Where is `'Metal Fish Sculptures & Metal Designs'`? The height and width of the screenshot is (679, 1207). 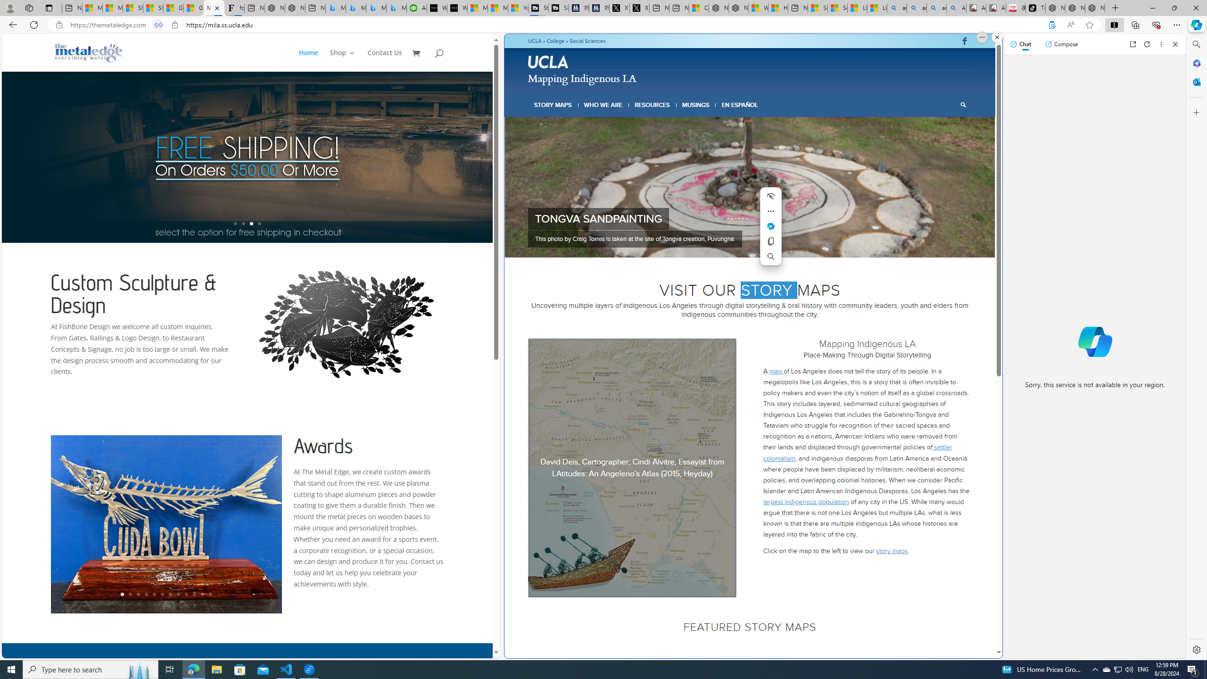
'Metal Fish Sculptures & Metal Designs' is located at coordinates (88, 52).